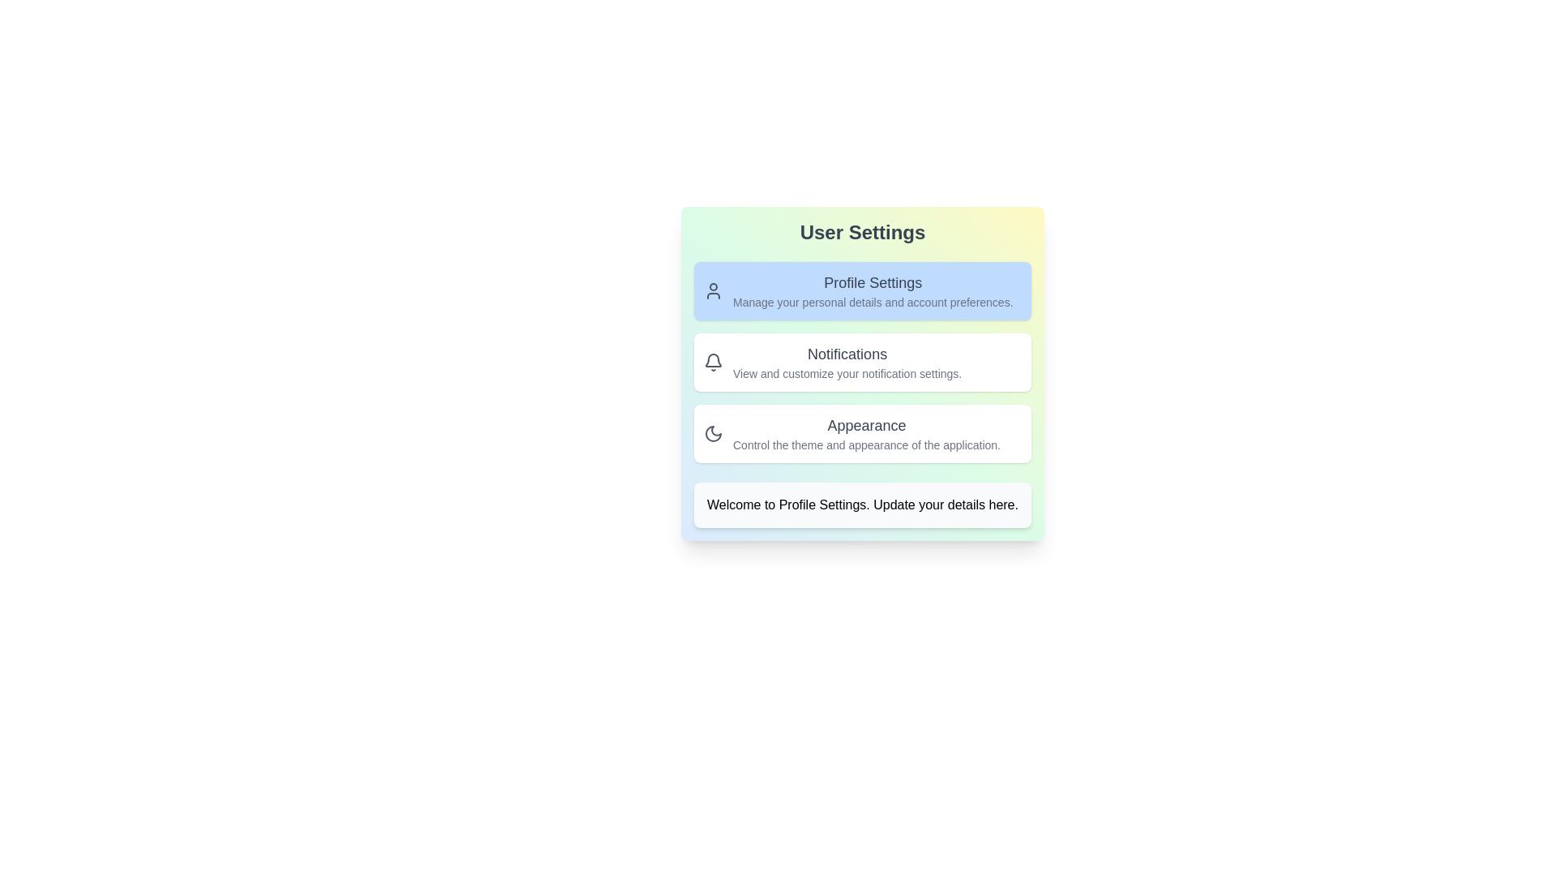 The width and height of the screenshot is (1557, 876). What do you see at coordinates (862, 362) in the screenshot?
I see `the card representing Notifications to select it` at bounding box center [862, 362].